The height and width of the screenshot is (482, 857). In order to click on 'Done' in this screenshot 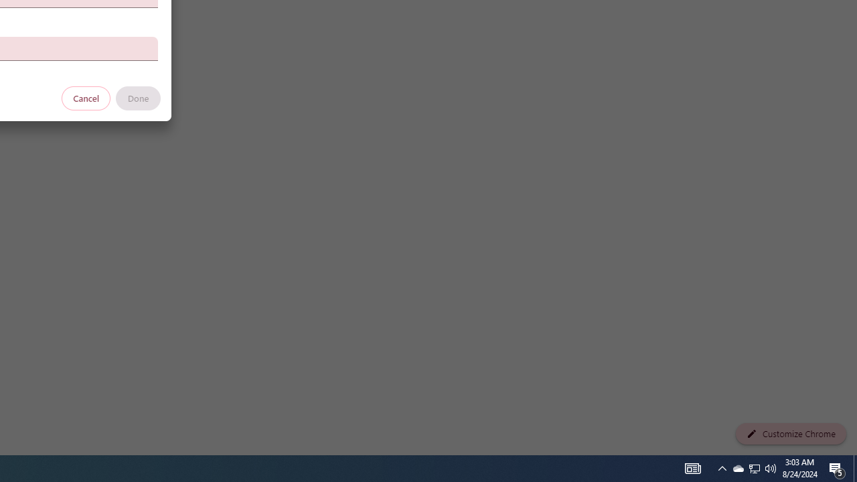, I will do `click(138, 97)`.